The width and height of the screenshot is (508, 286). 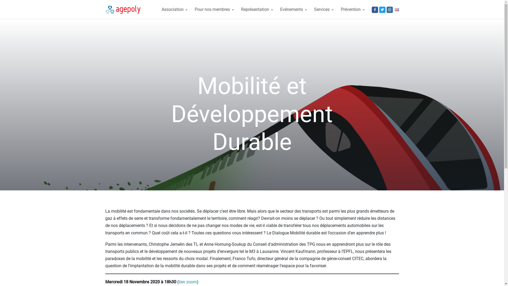 What do you see at coordinates (157, 9) in the screenshot?
I see `'Association'` at bounding box center [157, 9].